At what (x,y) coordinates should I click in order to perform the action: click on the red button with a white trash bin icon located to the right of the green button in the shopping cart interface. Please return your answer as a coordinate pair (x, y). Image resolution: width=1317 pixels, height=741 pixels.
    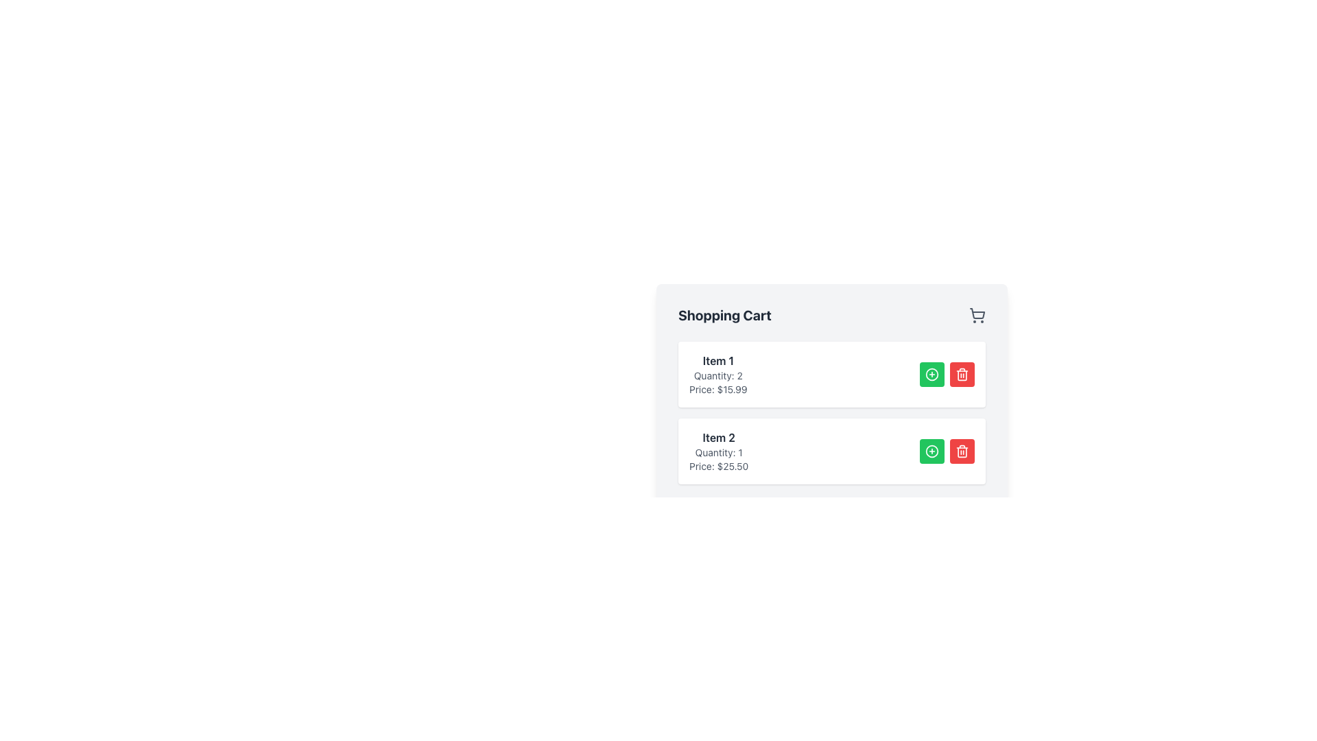
    Looking at the image, I should click on (961, 451).